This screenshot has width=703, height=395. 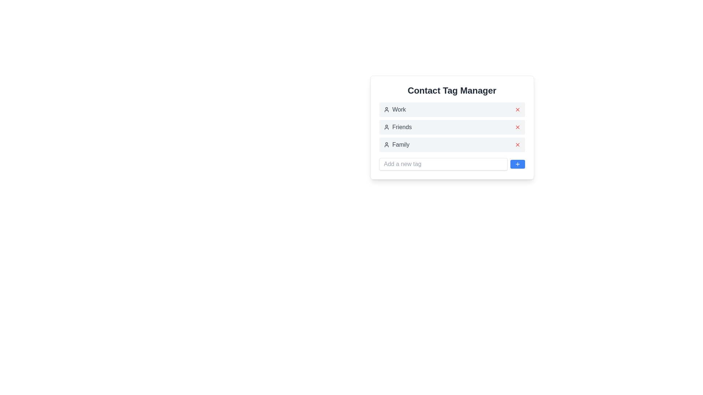 What do you see at coordinates (451, 127) in the screenshot?
I see `the 'Friends' tag element in the 'Contact Tag Manager'` at bounding box center [451, 127].